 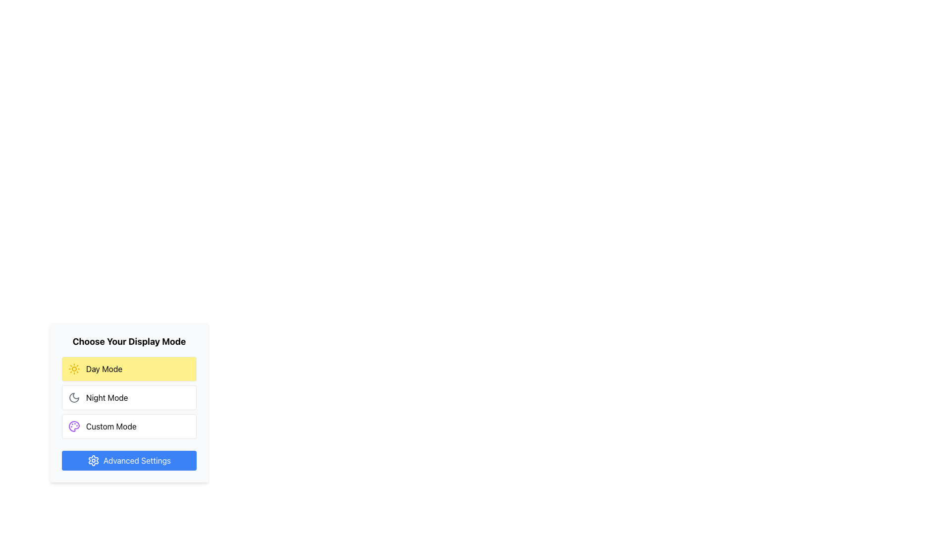 I want to click on the 'Custom Mode' button, which is the third option in the display modes section and features a purple palette icon, to observe its hover effect, so click(x=128, y=426).